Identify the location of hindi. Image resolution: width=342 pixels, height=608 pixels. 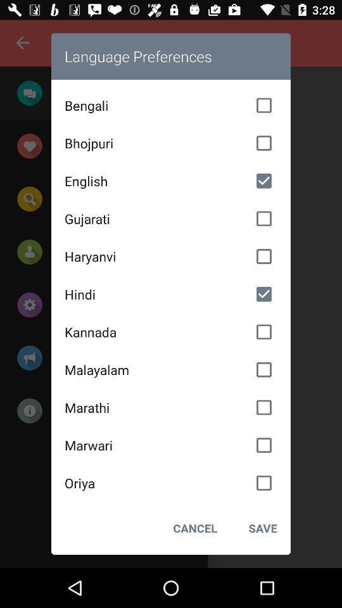
(171, 294).